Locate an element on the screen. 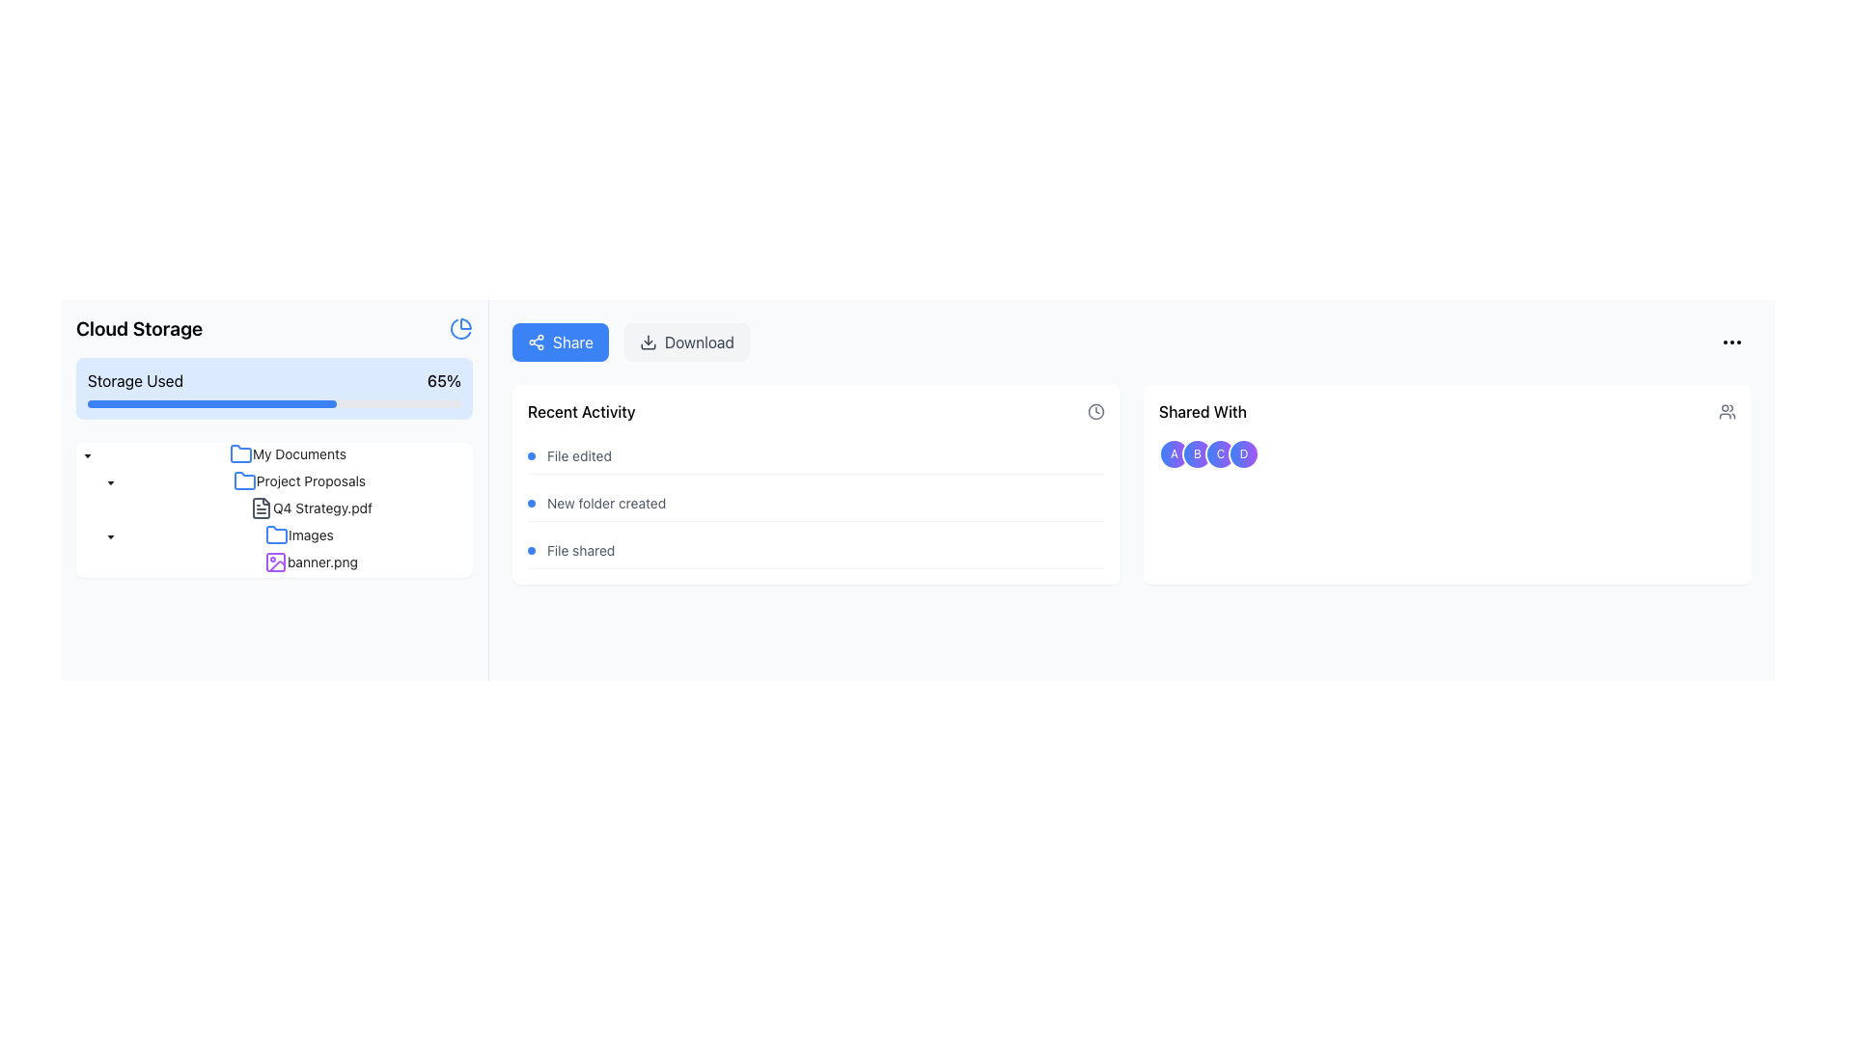  the 'My Documents' label in the tree view is located at coordinates (287, 453).